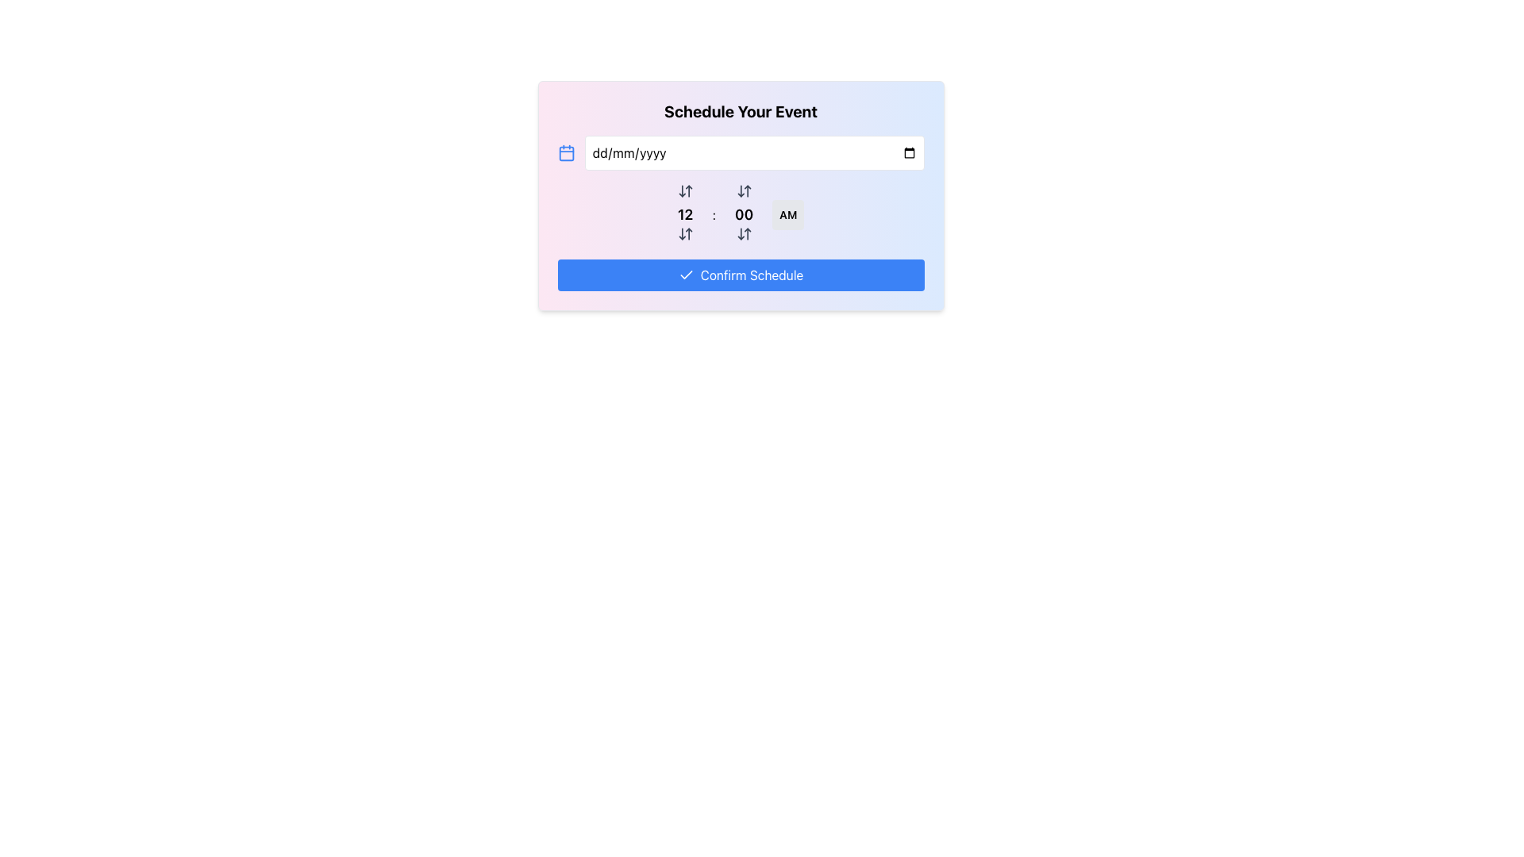 The height and width of the screenshot is (857, 1524). Describe the element at coordinates (743, 233) in the screenshot. I see `the dual-arrow button indicating up and down directions, which is located to the right of the numeral '00' in the time selection interface` at that location.